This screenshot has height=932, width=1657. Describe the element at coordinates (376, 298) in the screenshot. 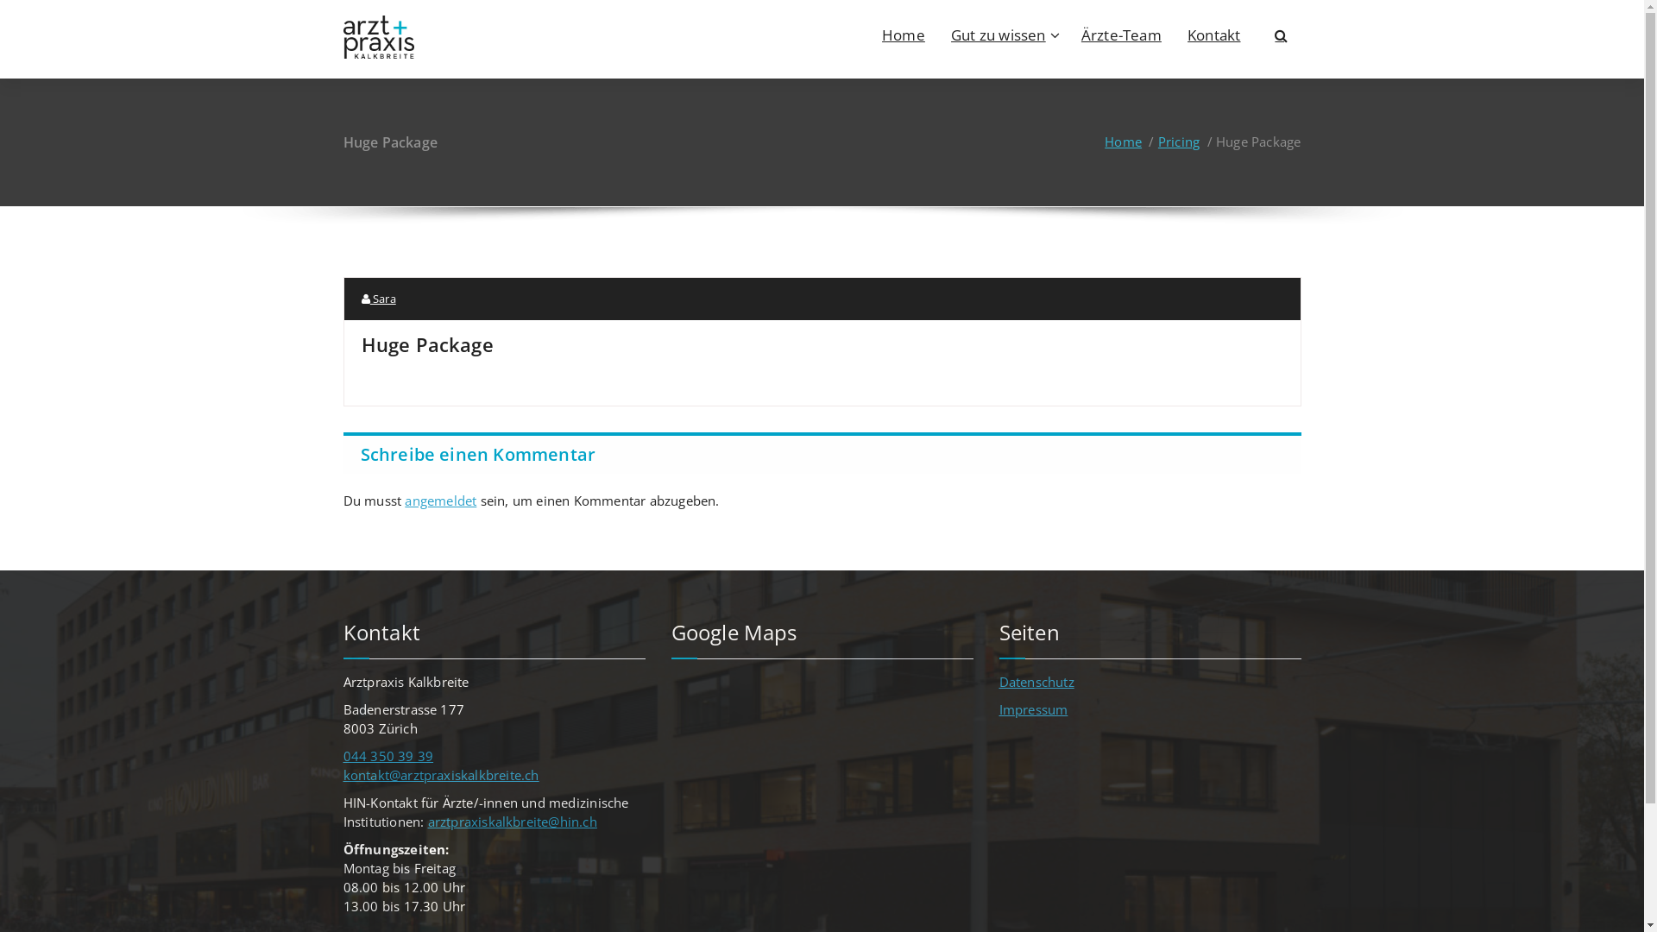

I see `'Sara'` at that location.